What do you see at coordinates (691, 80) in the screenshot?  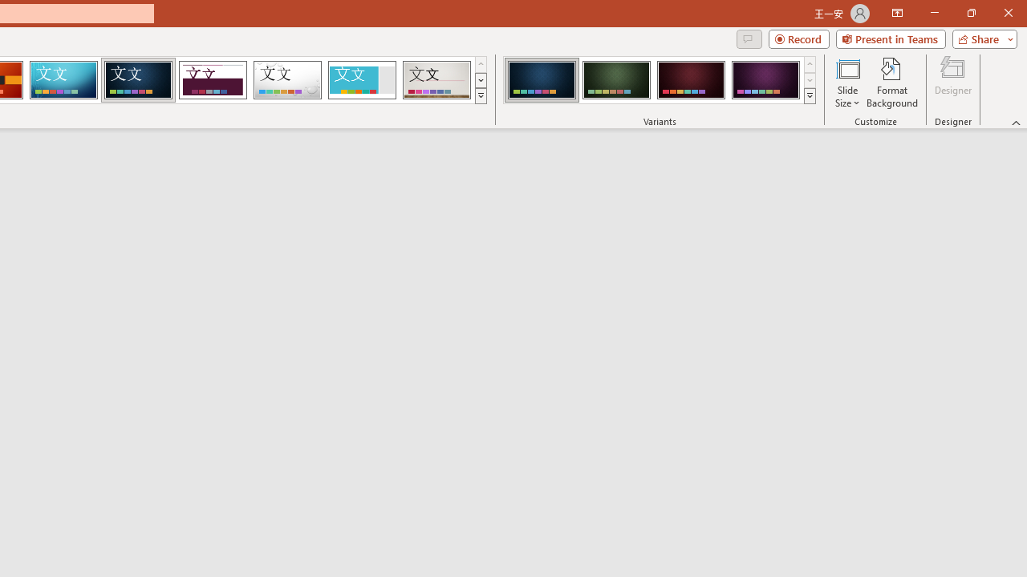 I see `'Damask Variant 3'` at bounding box center [691, 80].